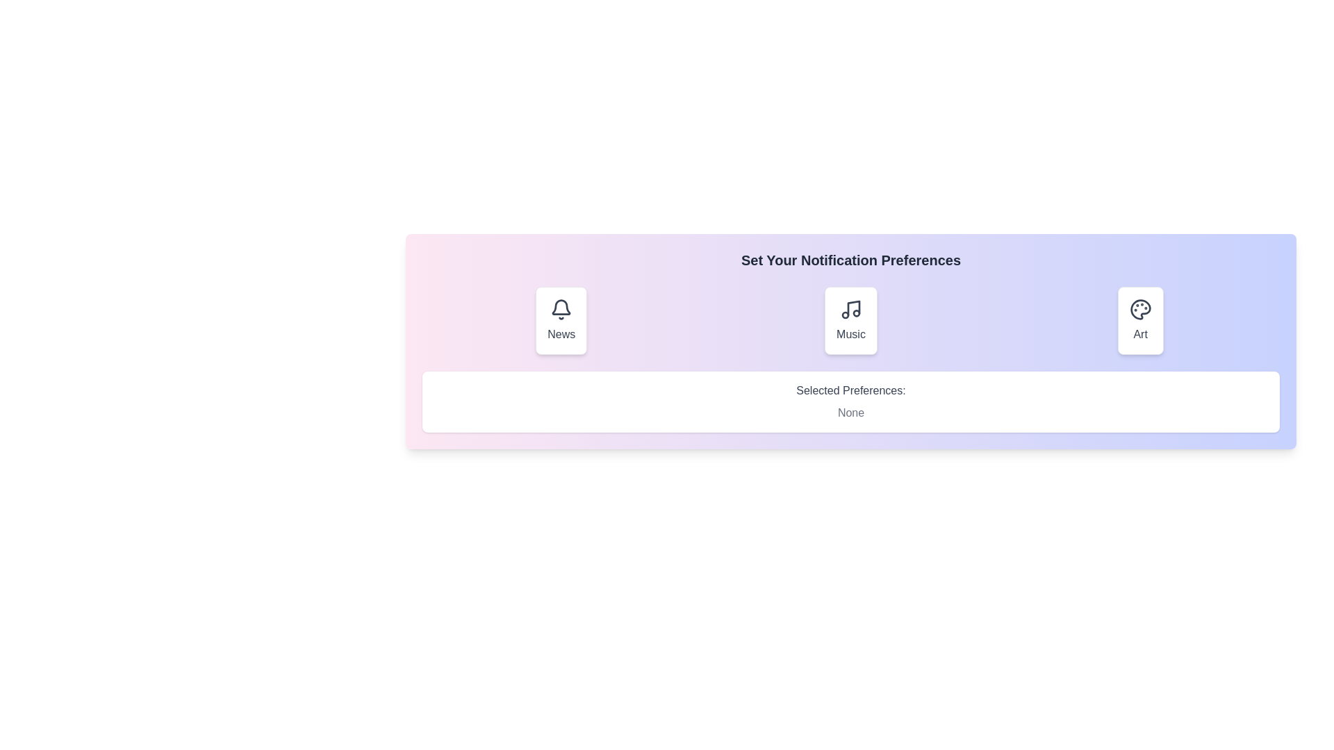 The width and height of the screenshot is (1334, 750). Describe the element at coordinates (850, 412) in the screenshot. I see `the text label styled in gray labeled 'None', which is positioned under 'Selected Preferences:' in a white, rounded rectangular box` at that location.